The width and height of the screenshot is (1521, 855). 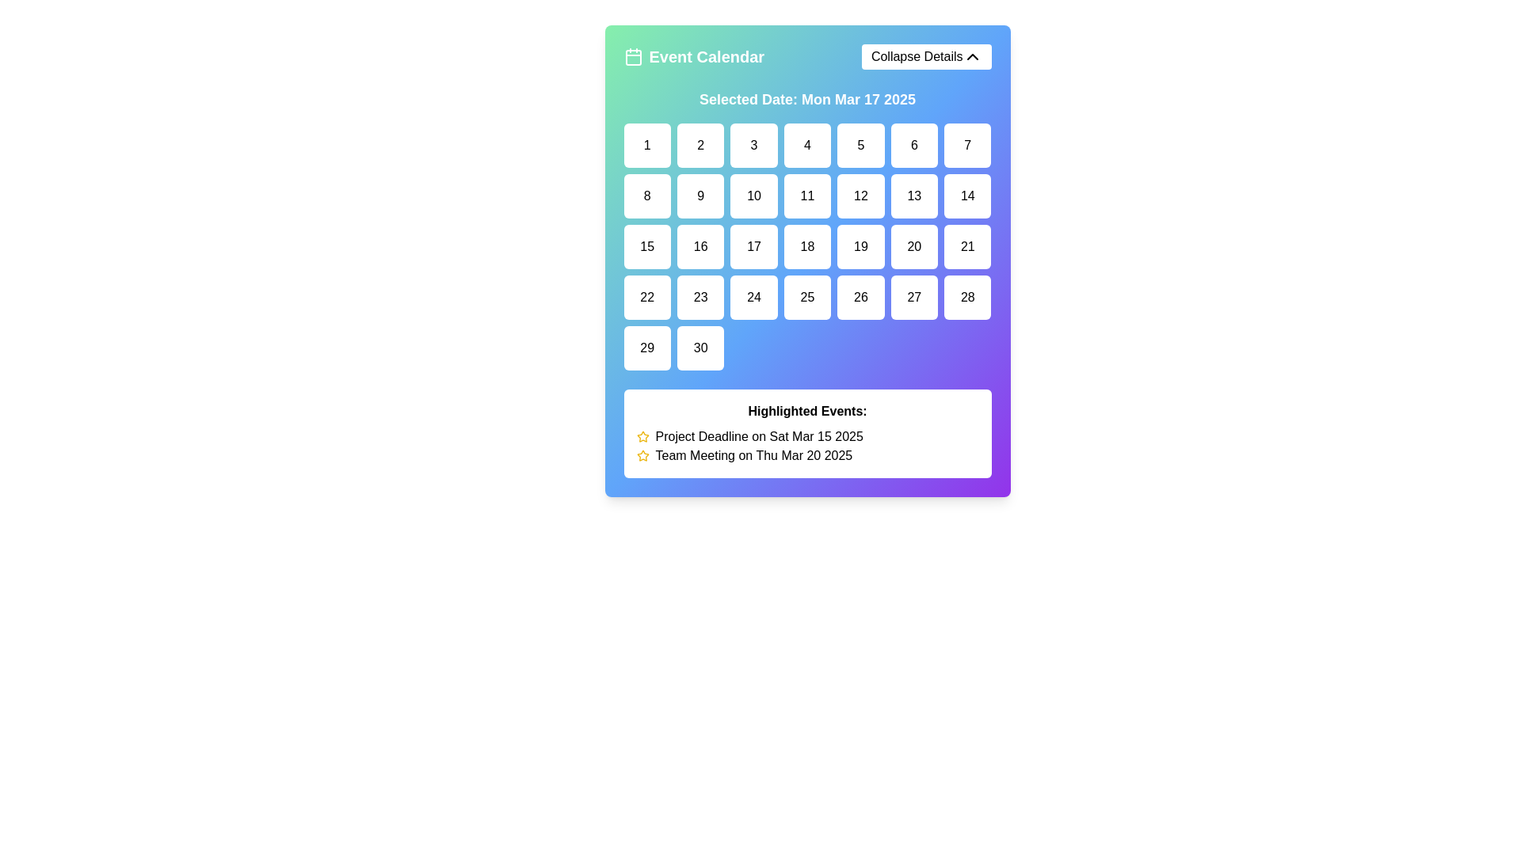 What do you see at coordinates (860, 297) in the screenshot?
I see `the square-shaped button labeled '26' with a white background and rounded corners located` at bounding box center [860, 297].